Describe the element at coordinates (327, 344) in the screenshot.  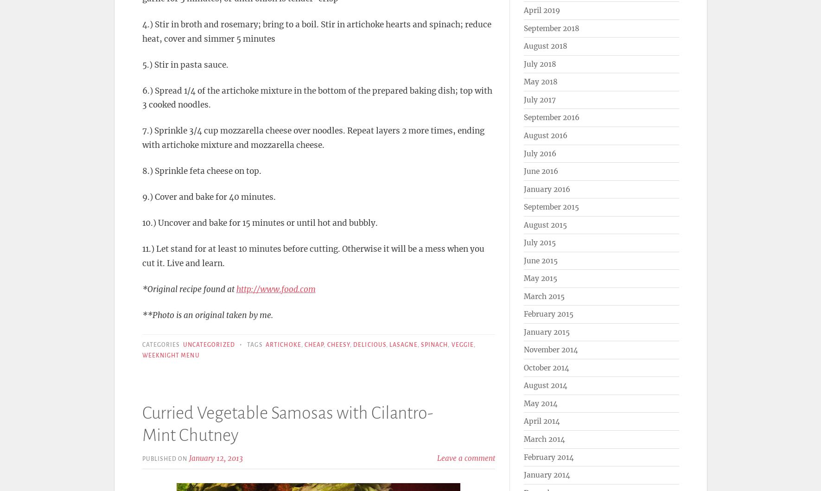
I see `'Cheesy'` at that location.